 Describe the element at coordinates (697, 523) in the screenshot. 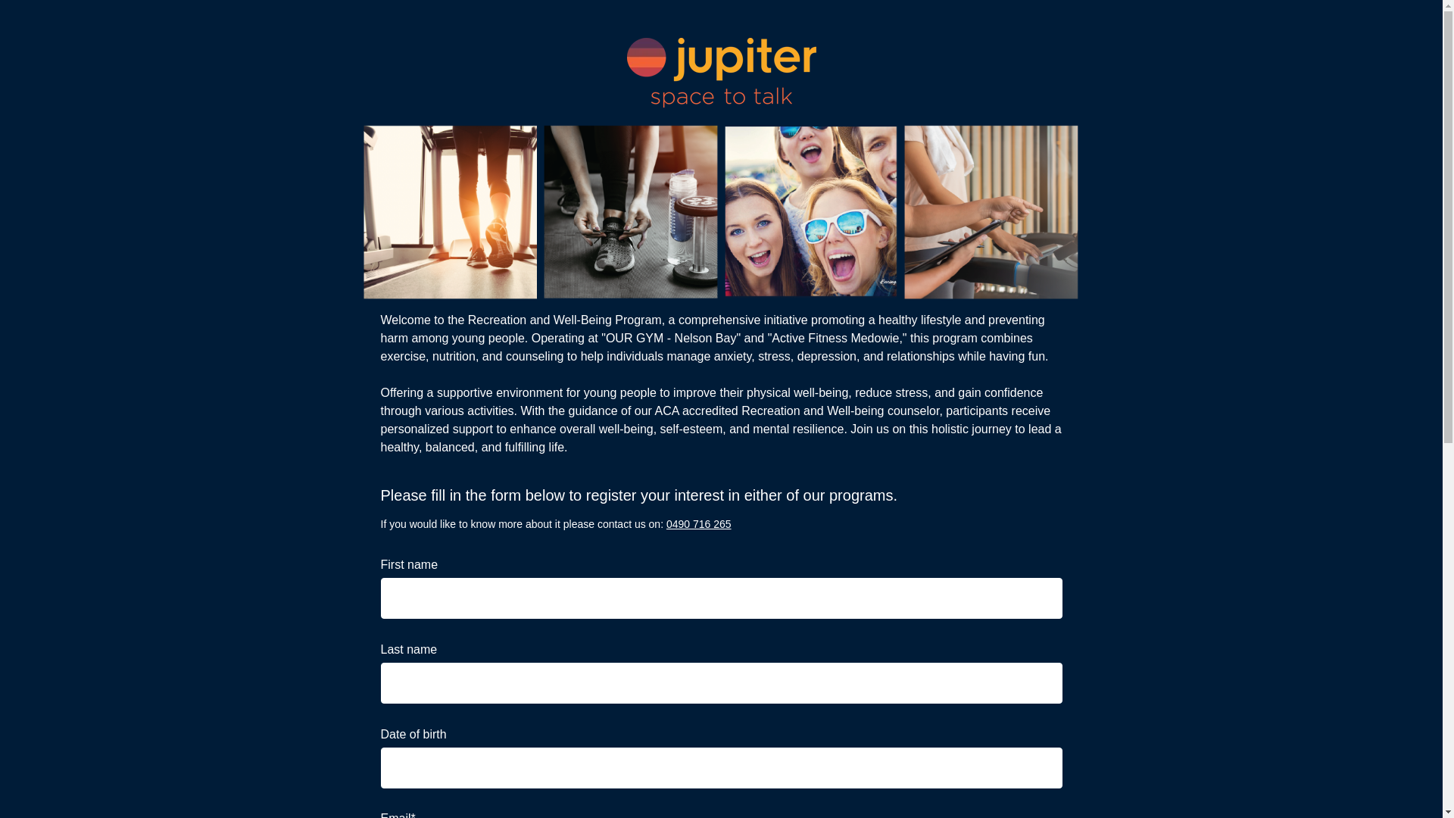

I see `'0490 716 265'` at that location.